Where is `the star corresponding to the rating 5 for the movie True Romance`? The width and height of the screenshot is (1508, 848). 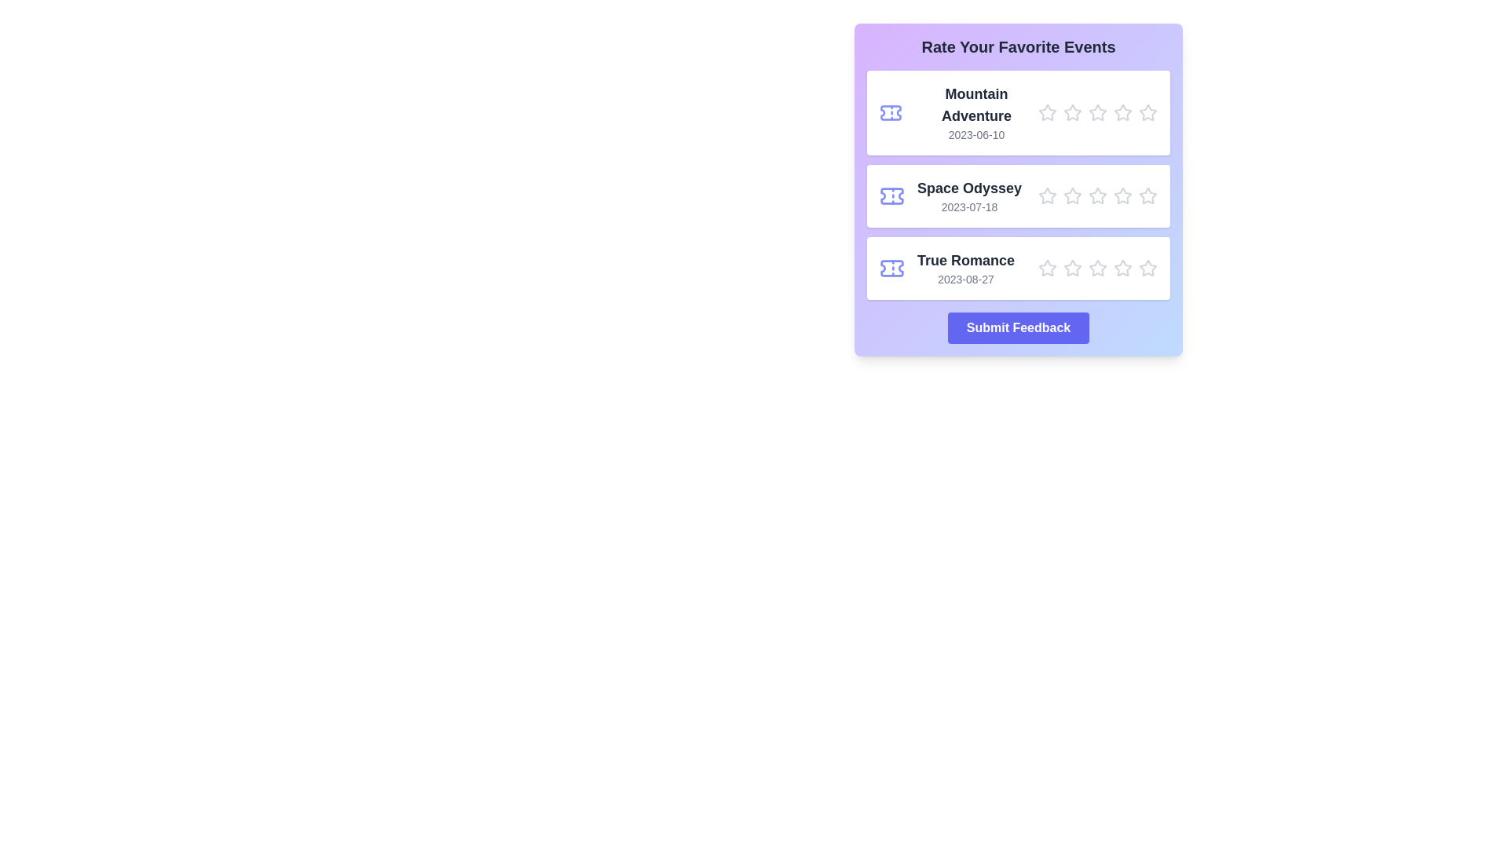 the star corresponding to the rating 5 for the movie True Romance is located at coordinates (1148, 268).